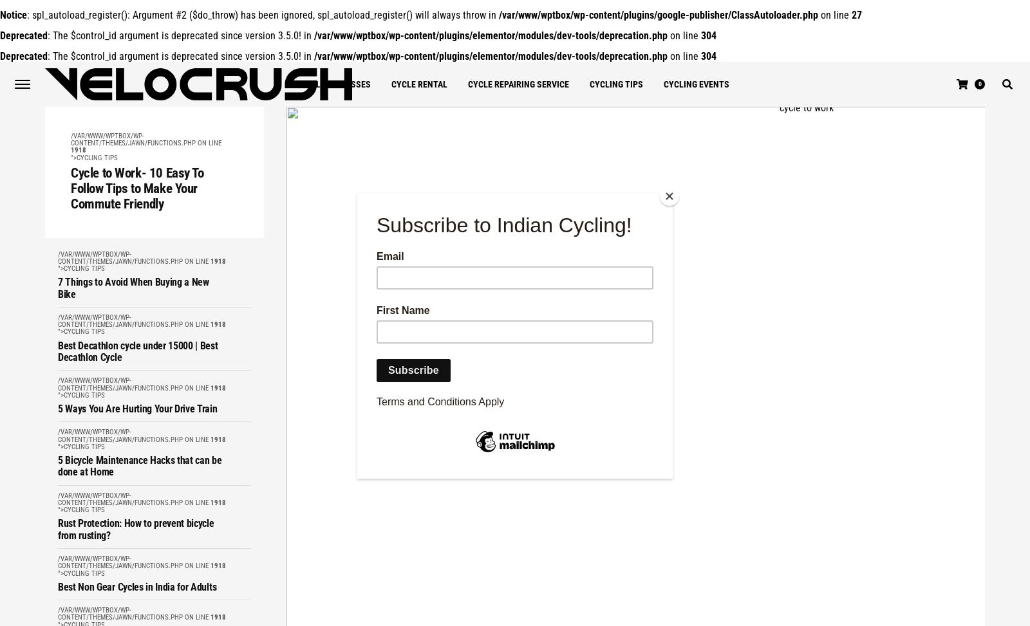 The height and width of the screenshot is (626, 1030). Describe the element at coordinates (136, 585) in the screenshot. I see `'Best Non Gear Cycles in India for Adults'` at that location.